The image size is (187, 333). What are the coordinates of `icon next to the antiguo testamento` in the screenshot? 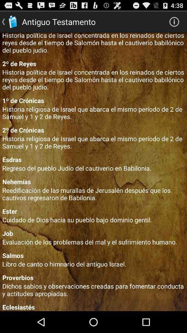 It's located at (174, 22).